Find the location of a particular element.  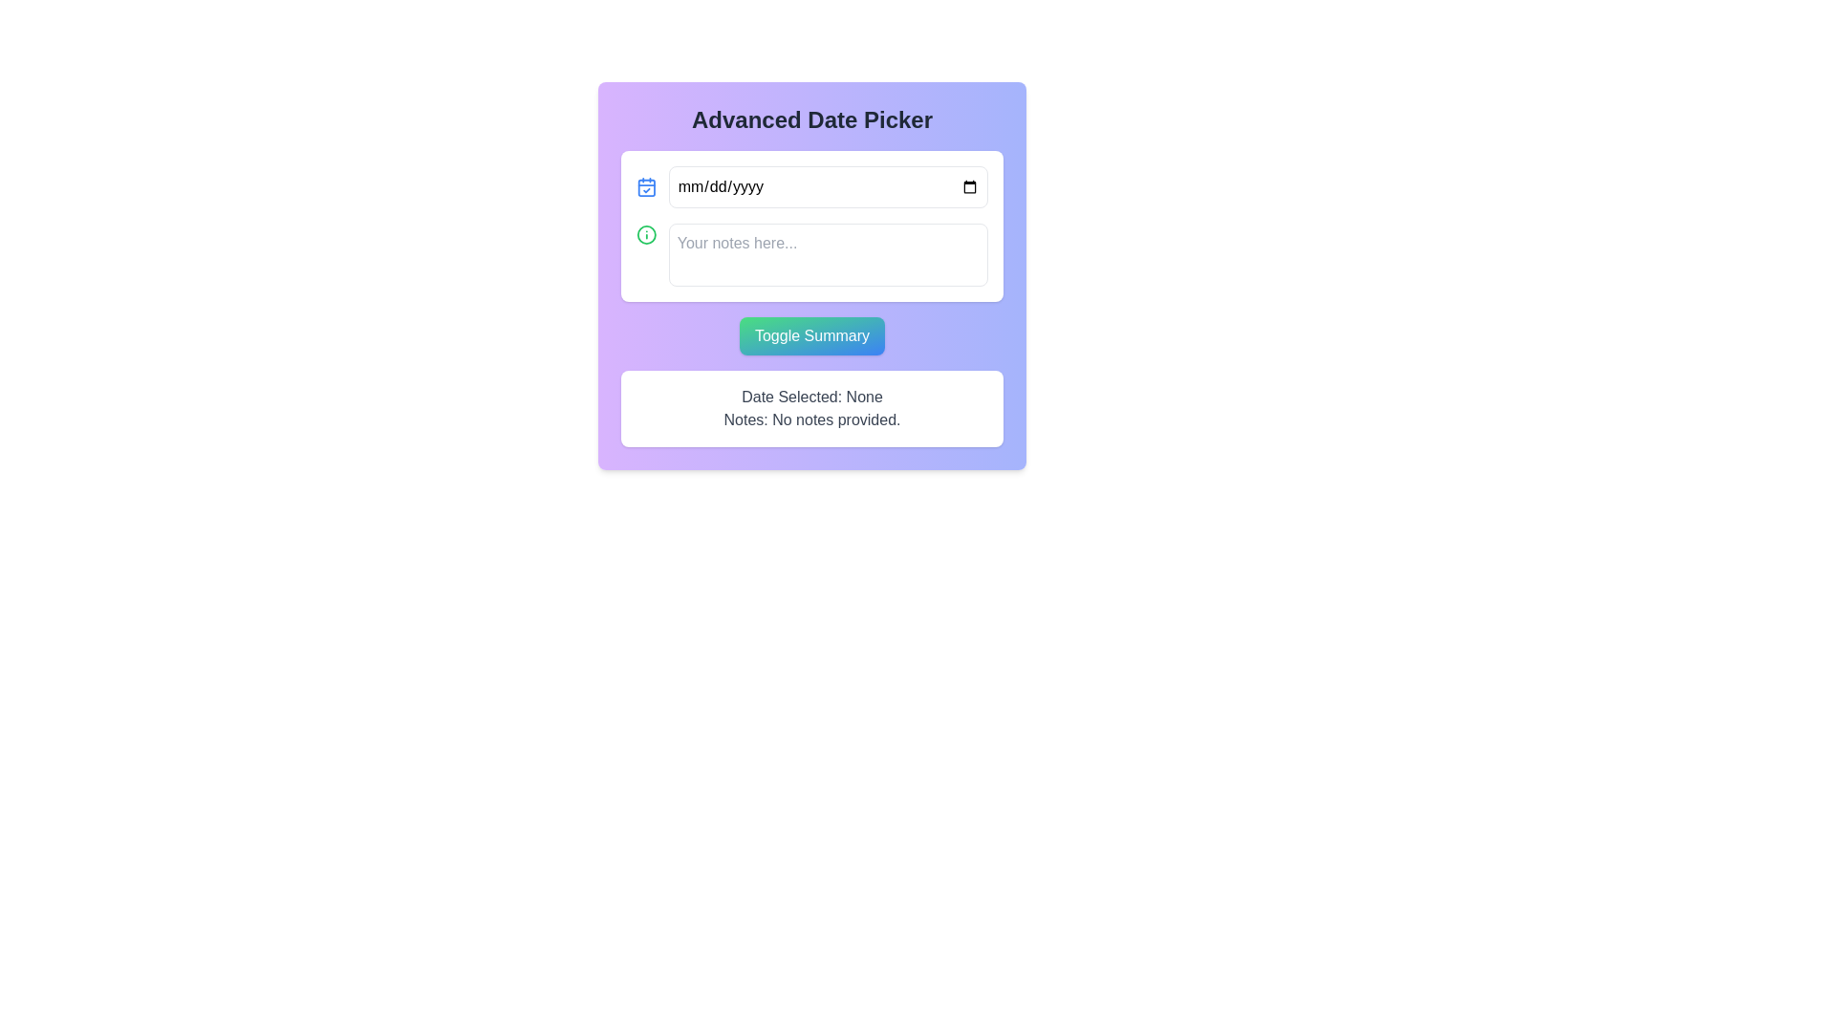

the SVG Circle element, which is part of the icon indicating additional functionality, located to the left of the text input area in the 'Advanced Date Picker' form is located at coordinates (646, 234).